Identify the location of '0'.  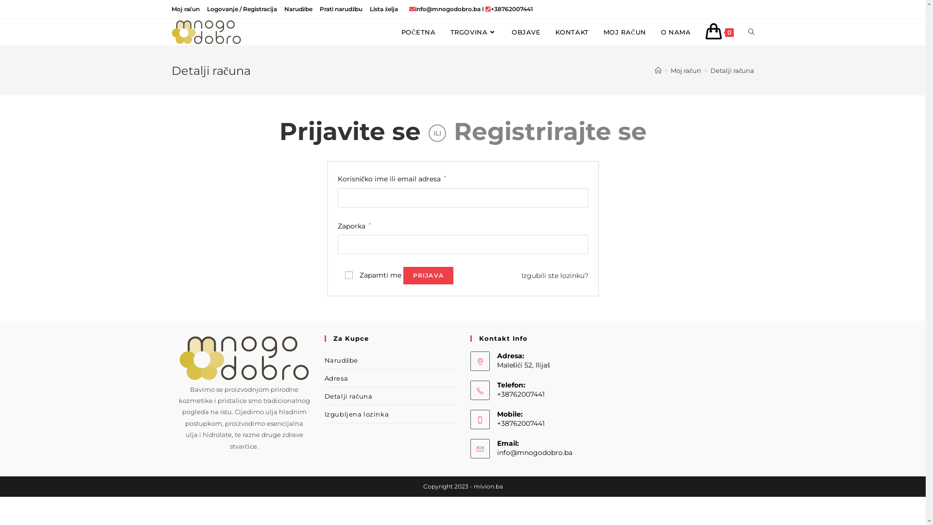
(719, 32).